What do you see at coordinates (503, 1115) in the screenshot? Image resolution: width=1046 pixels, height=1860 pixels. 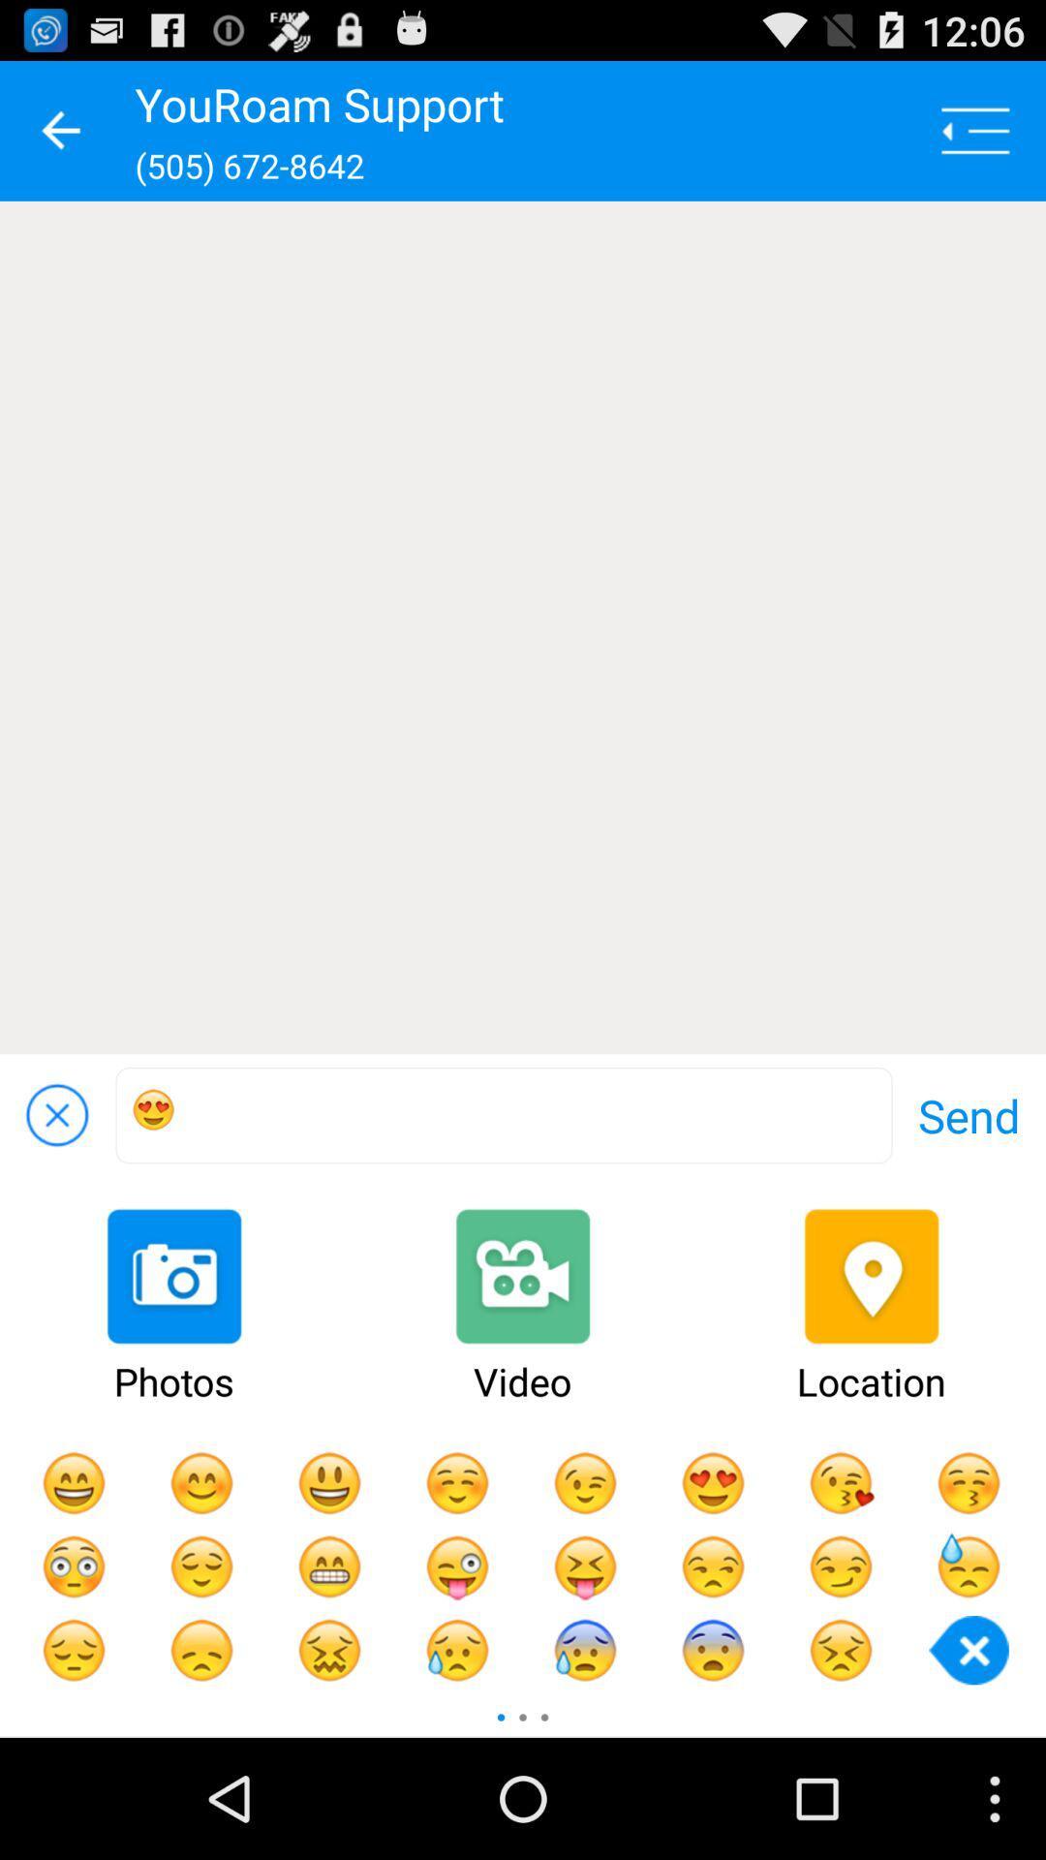 I see `e106` at bounding box center [503, 1115].